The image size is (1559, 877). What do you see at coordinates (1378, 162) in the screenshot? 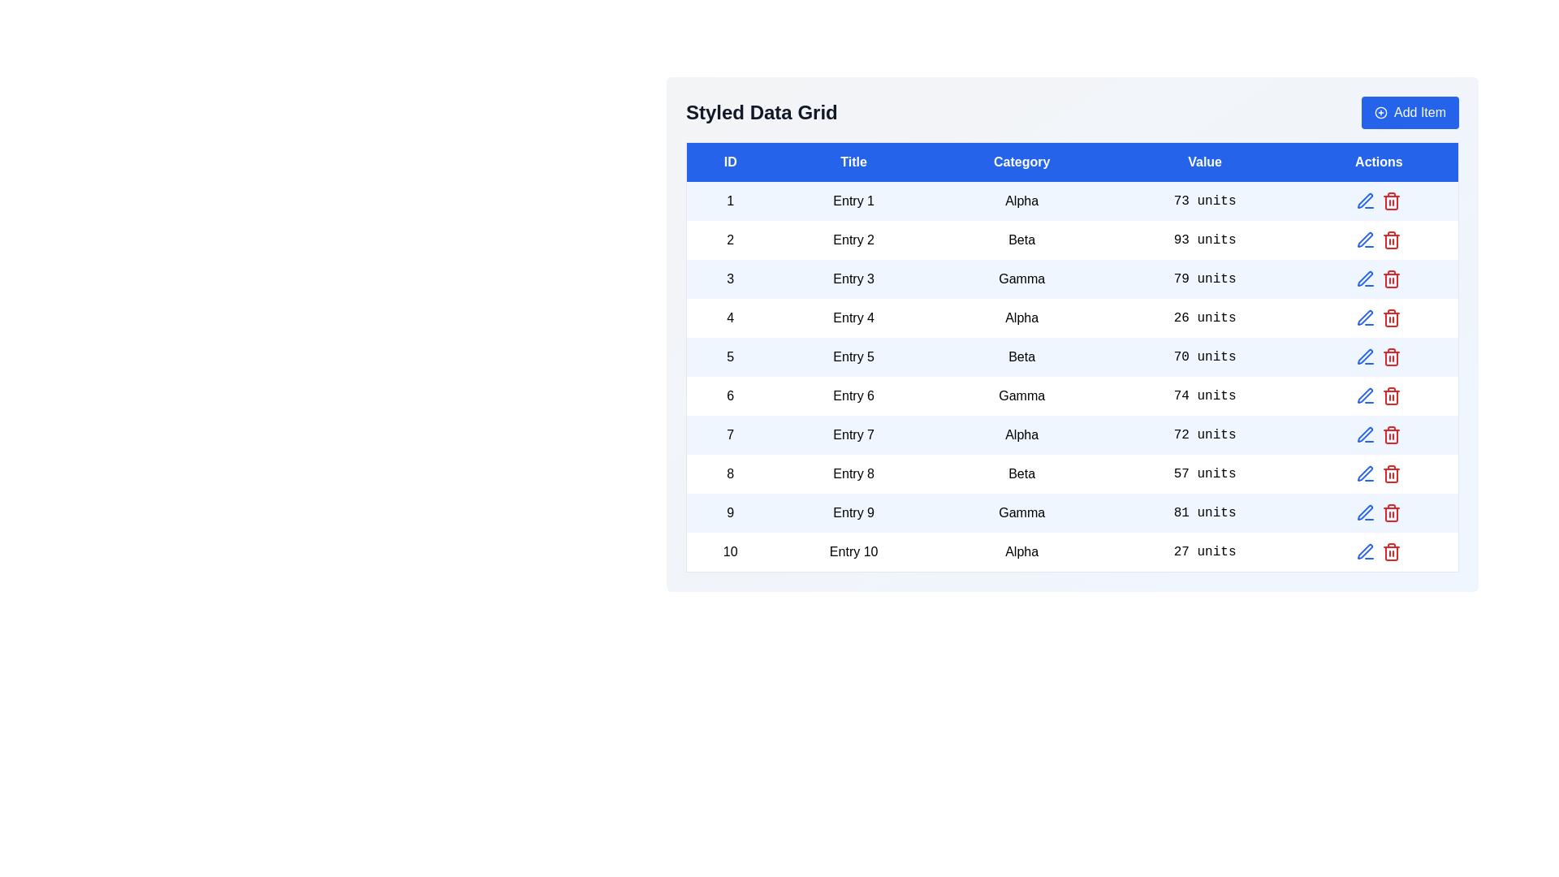
I see `the column header Actions to sort the table` at bounding box center [1378, 162].